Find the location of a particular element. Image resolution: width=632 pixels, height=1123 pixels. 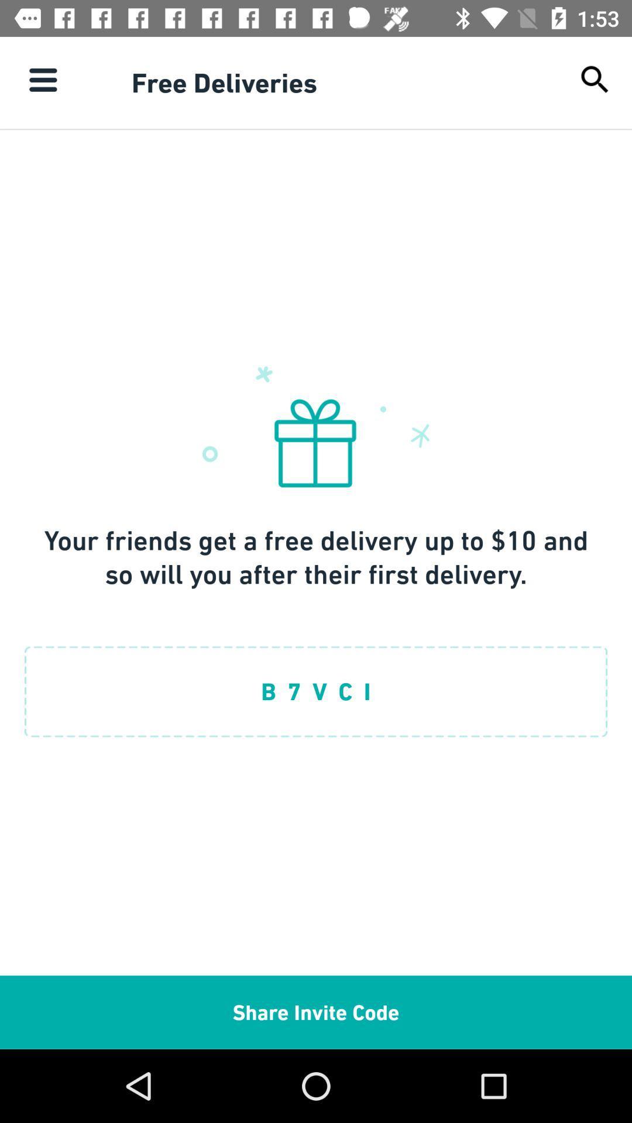

icon above your friends get is located at coordinates (595, 79).